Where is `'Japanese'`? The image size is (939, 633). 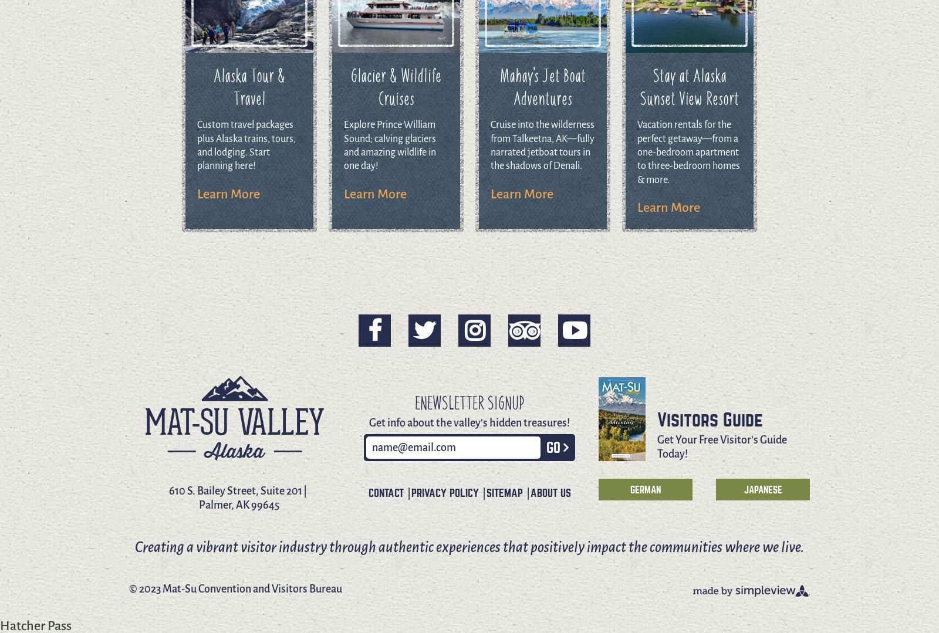 'Japanese' is located at coordinates (762, 489).